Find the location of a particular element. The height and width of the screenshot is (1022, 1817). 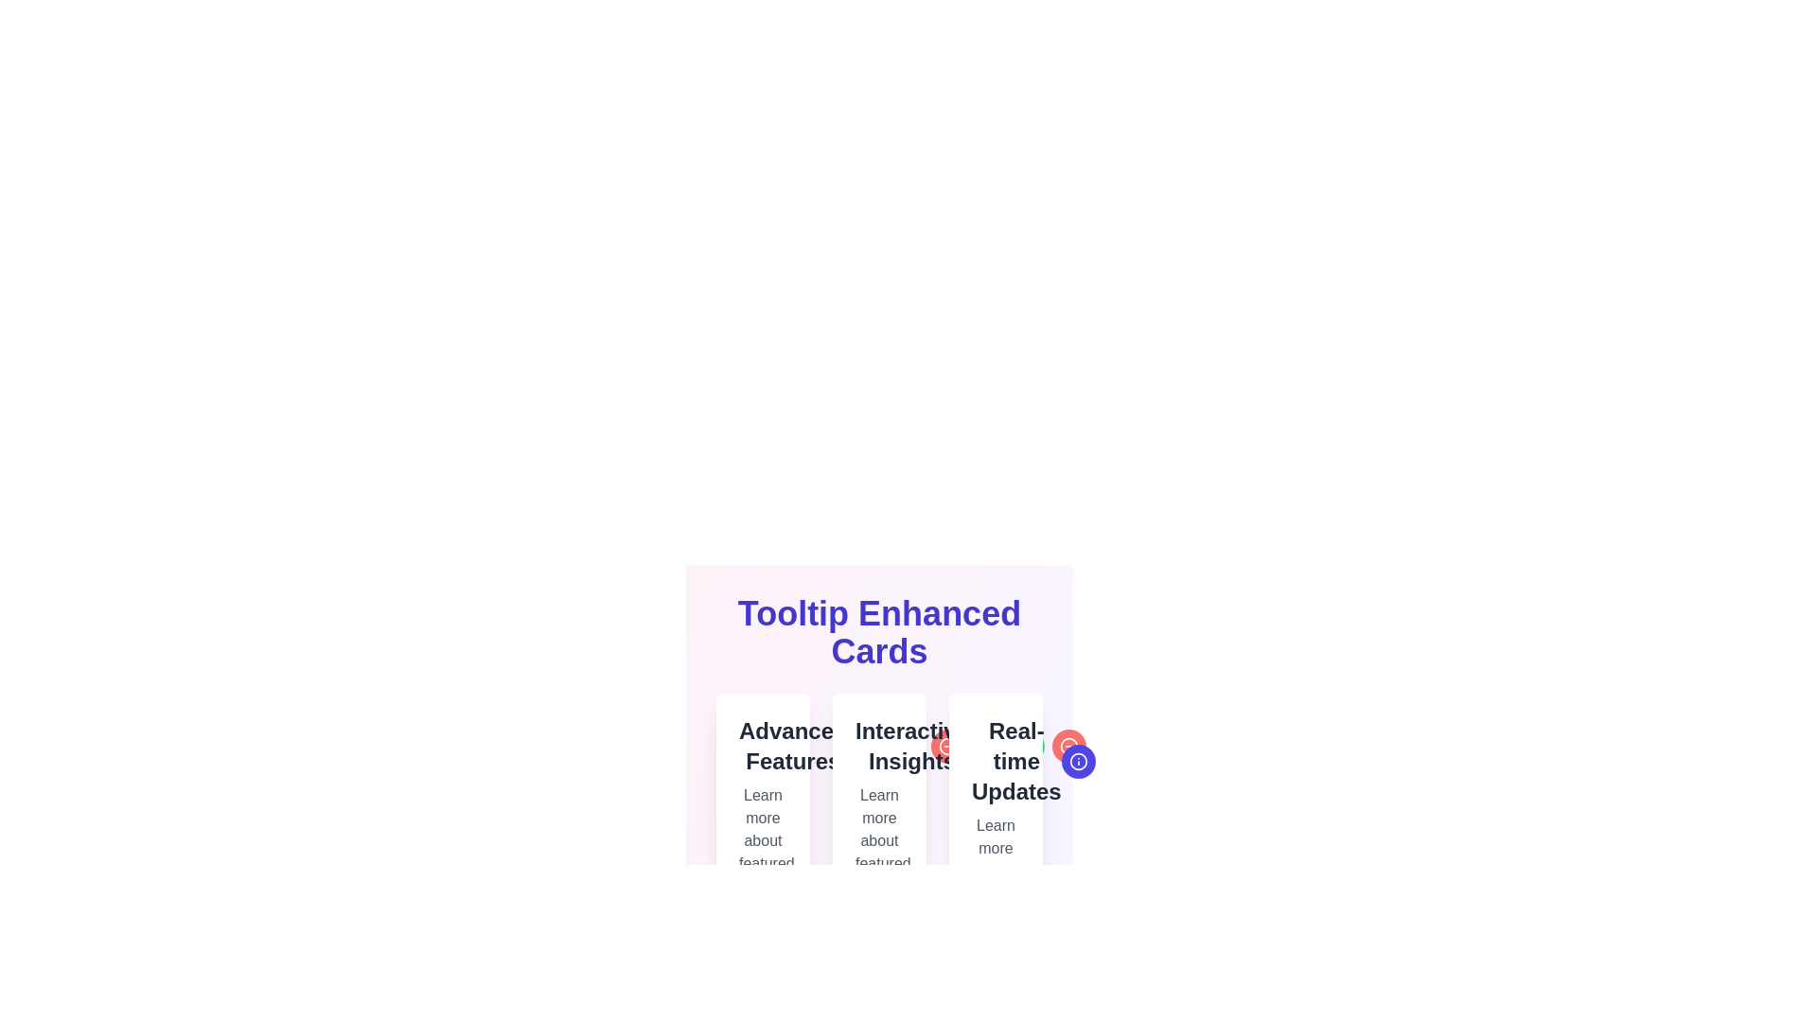

the first circular button located at the bottom right of the 'Interactive Insights' card is located at coordinates (863, 746).